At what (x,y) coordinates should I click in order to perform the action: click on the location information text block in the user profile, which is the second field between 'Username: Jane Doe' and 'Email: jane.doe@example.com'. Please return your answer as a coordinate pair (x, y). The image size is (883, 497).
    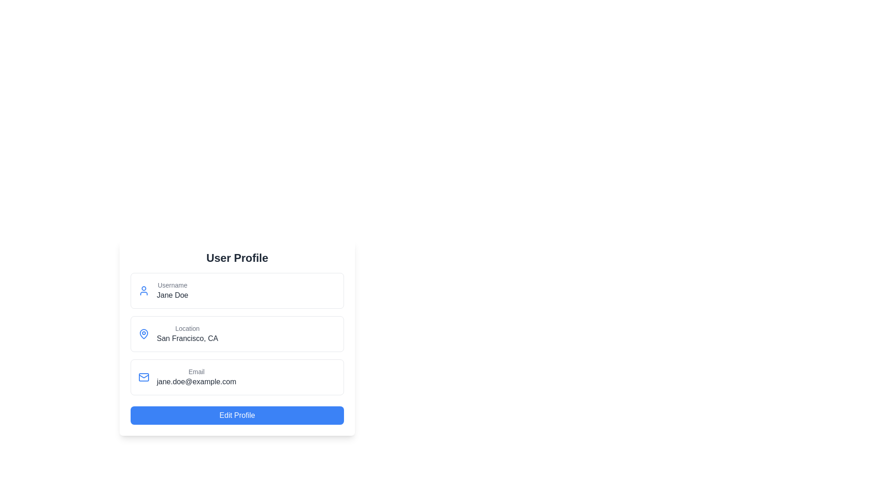
    Looking at the image, I should click on (187, 334).